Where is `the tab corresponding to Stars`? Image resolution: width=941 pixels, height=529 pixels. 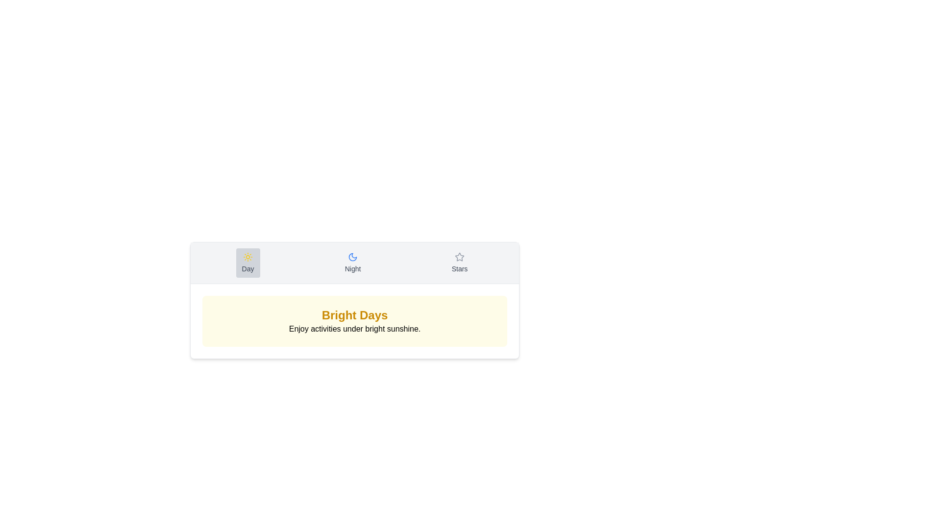
the tab corresponding to Stars is located at coordinates (459, 262).